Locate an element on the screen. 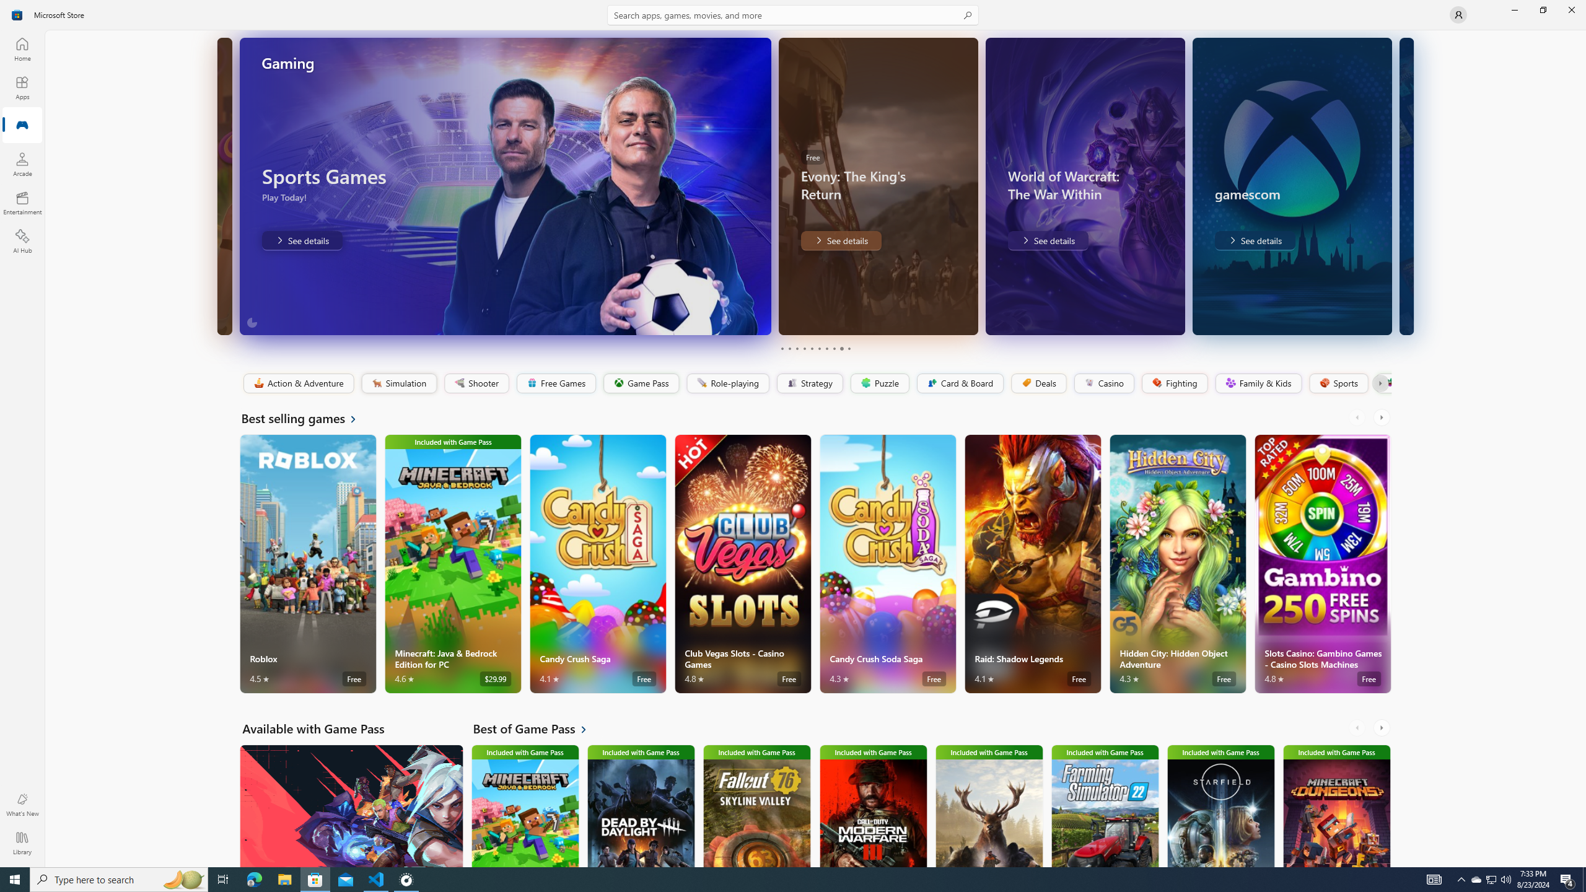 The width and height of the screenshot is (1586, 892). 'Deals' is located at coordinates (1038, 383).